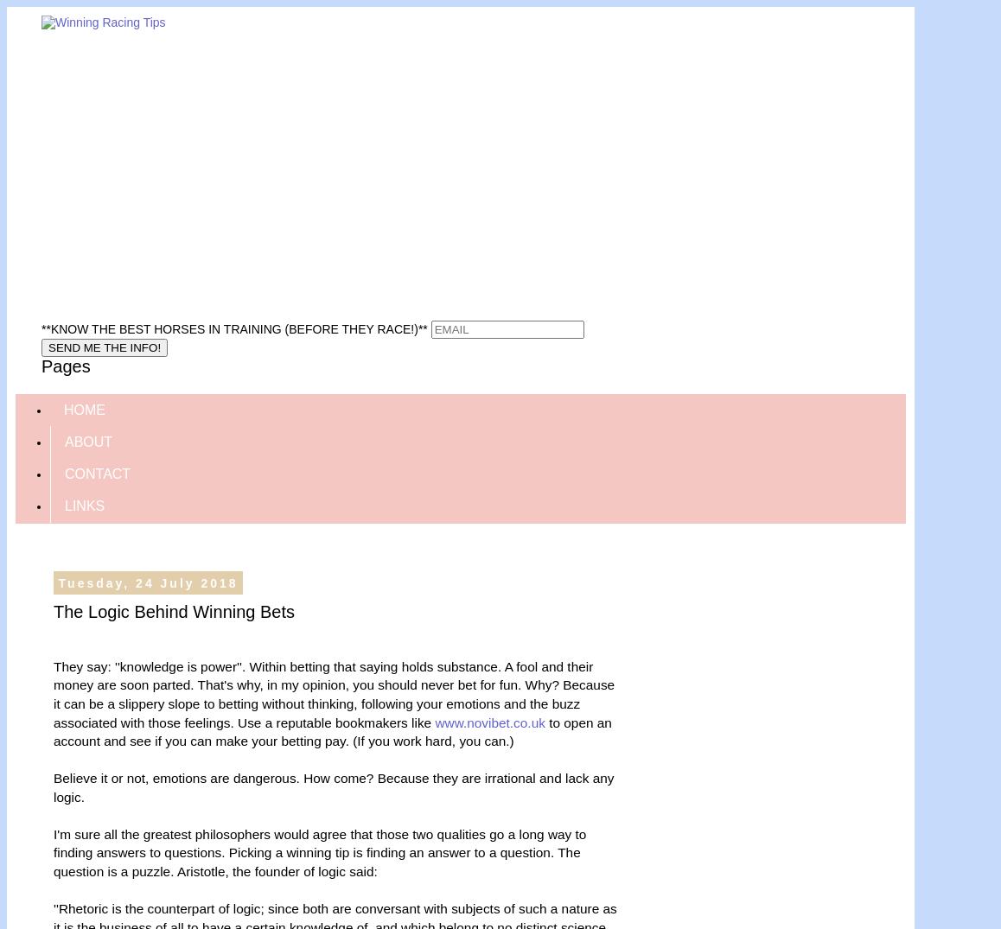 The width and height of the screenshot is (1001, 929). Describe the element at coordinates (489, 722) in the screenshot. I see `'www.novibet.co.uk'` at that location.